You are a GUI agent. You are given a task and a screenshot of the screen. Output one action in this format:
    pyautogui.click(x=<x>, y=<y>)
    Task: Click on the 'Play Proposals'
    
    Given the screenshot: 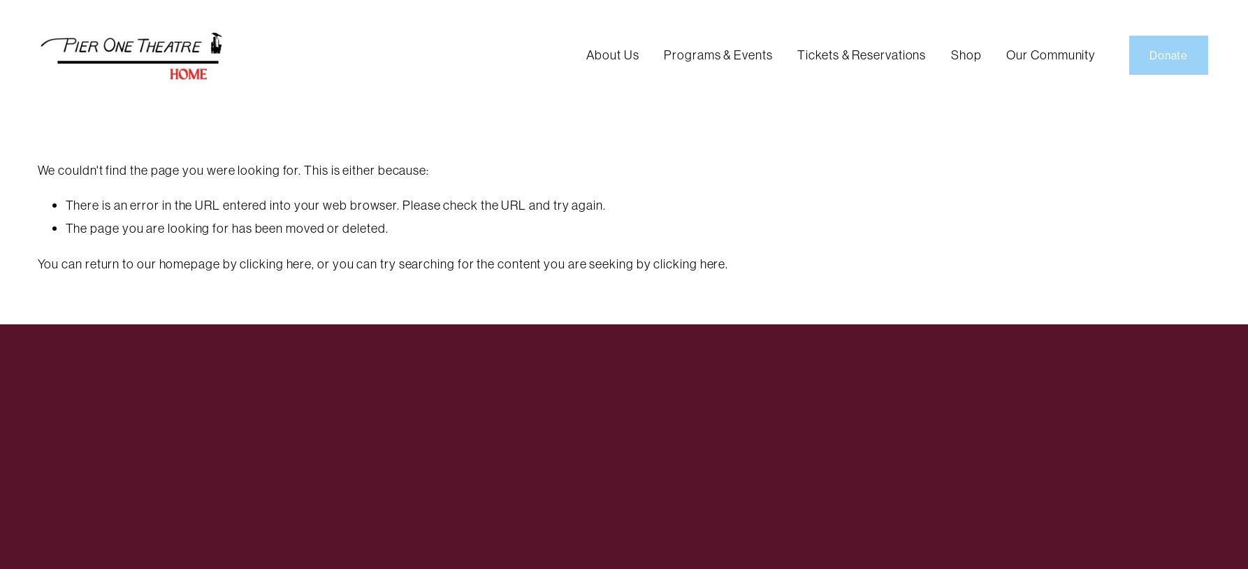 What is the action you would take?
    pyautogui.click(x=685, y=139)
    